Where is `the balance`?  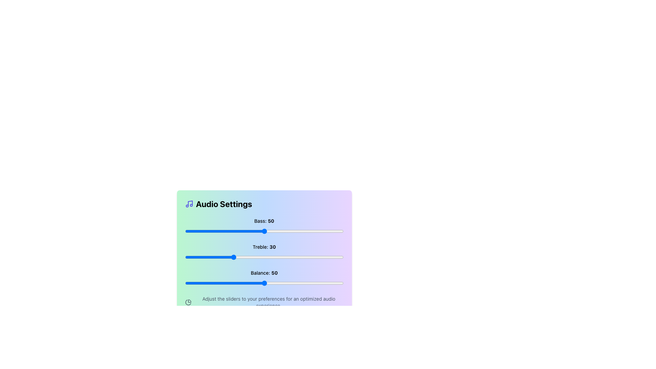 the balance is located at coordinates (278, 283).